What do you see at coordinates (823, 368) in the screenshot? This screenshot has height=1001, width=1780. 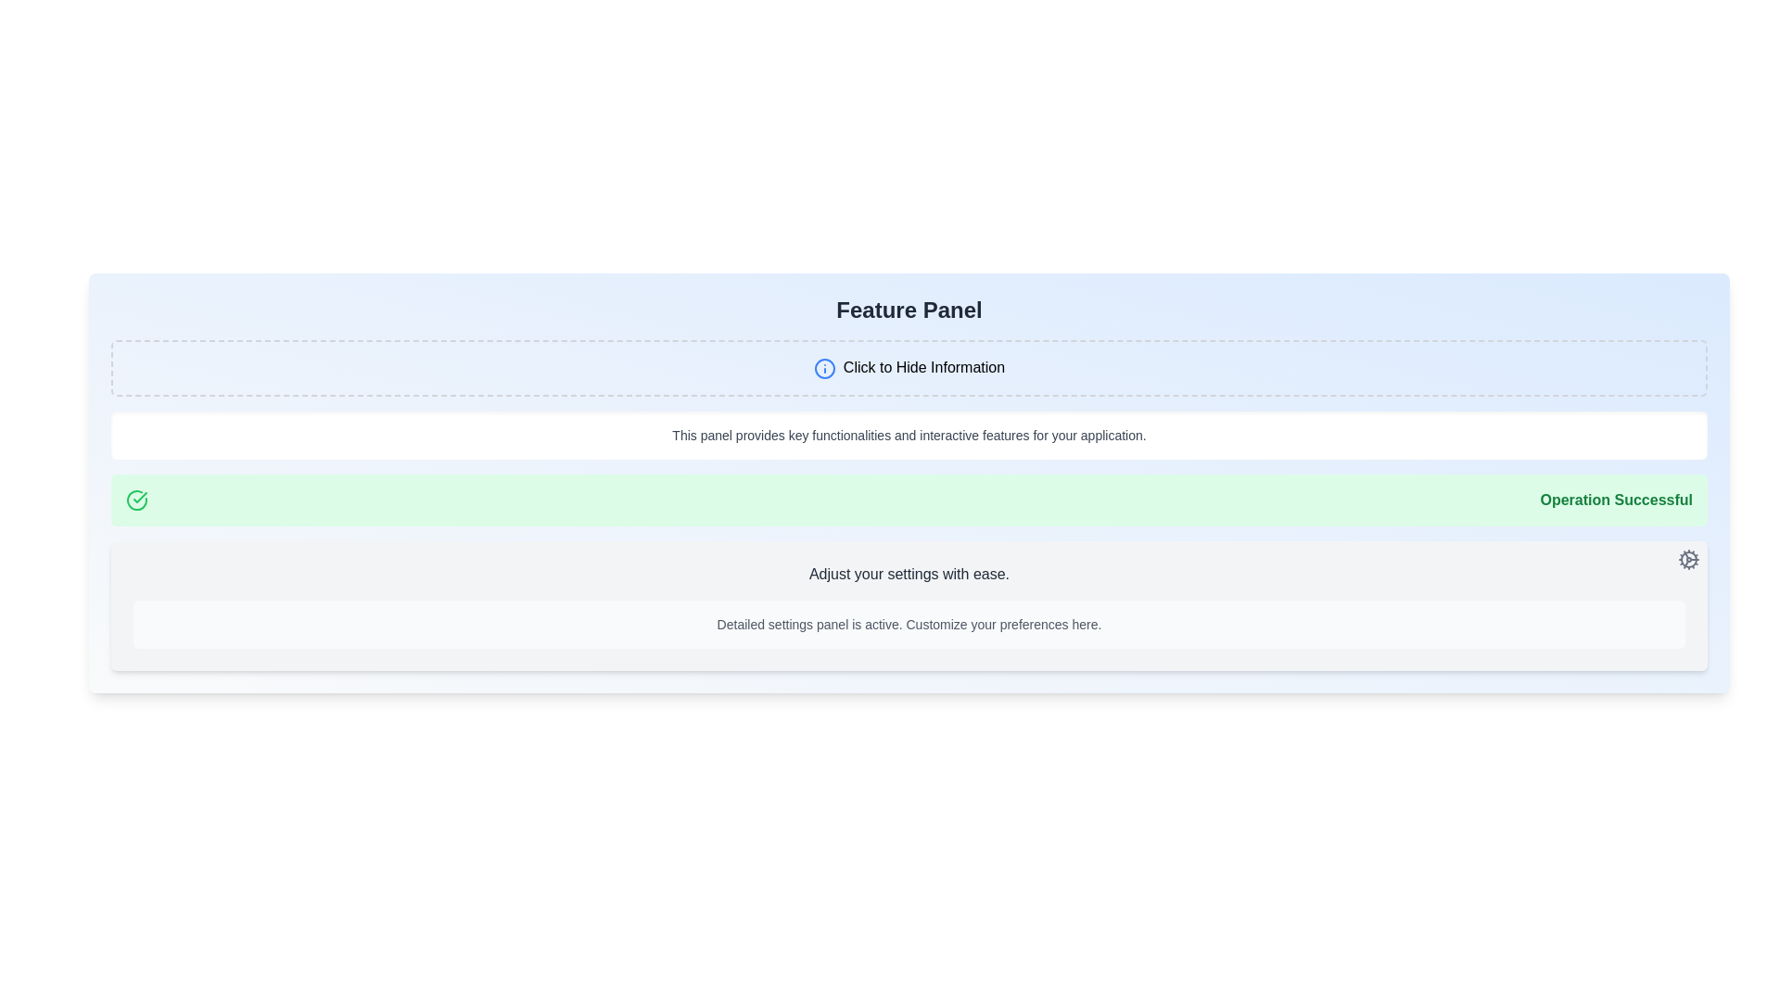 I see `the largest circular SVG element with a blue outline, which is part of an icon next to the 'Click to Hide Information' text label` at bounding box center [823, 368].